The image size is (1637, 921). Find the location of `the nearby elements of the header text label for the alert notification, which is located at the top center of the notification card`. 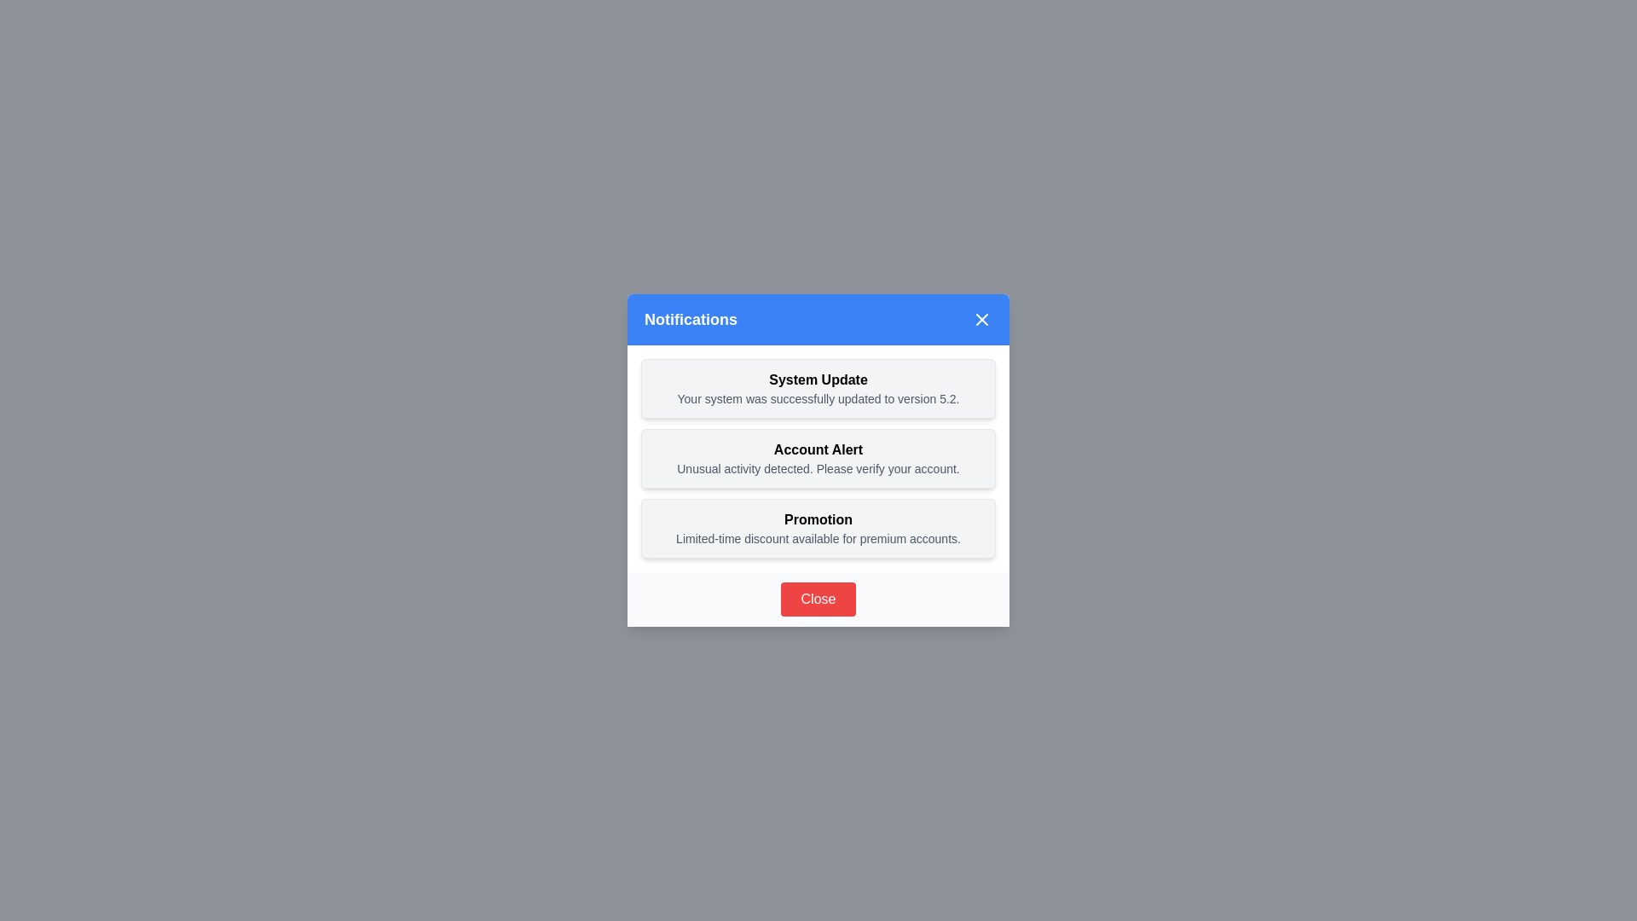

the nearby elements of the header text label for the alert notification, which is located at the top center of the notification card is located at coordinates (818, 449).